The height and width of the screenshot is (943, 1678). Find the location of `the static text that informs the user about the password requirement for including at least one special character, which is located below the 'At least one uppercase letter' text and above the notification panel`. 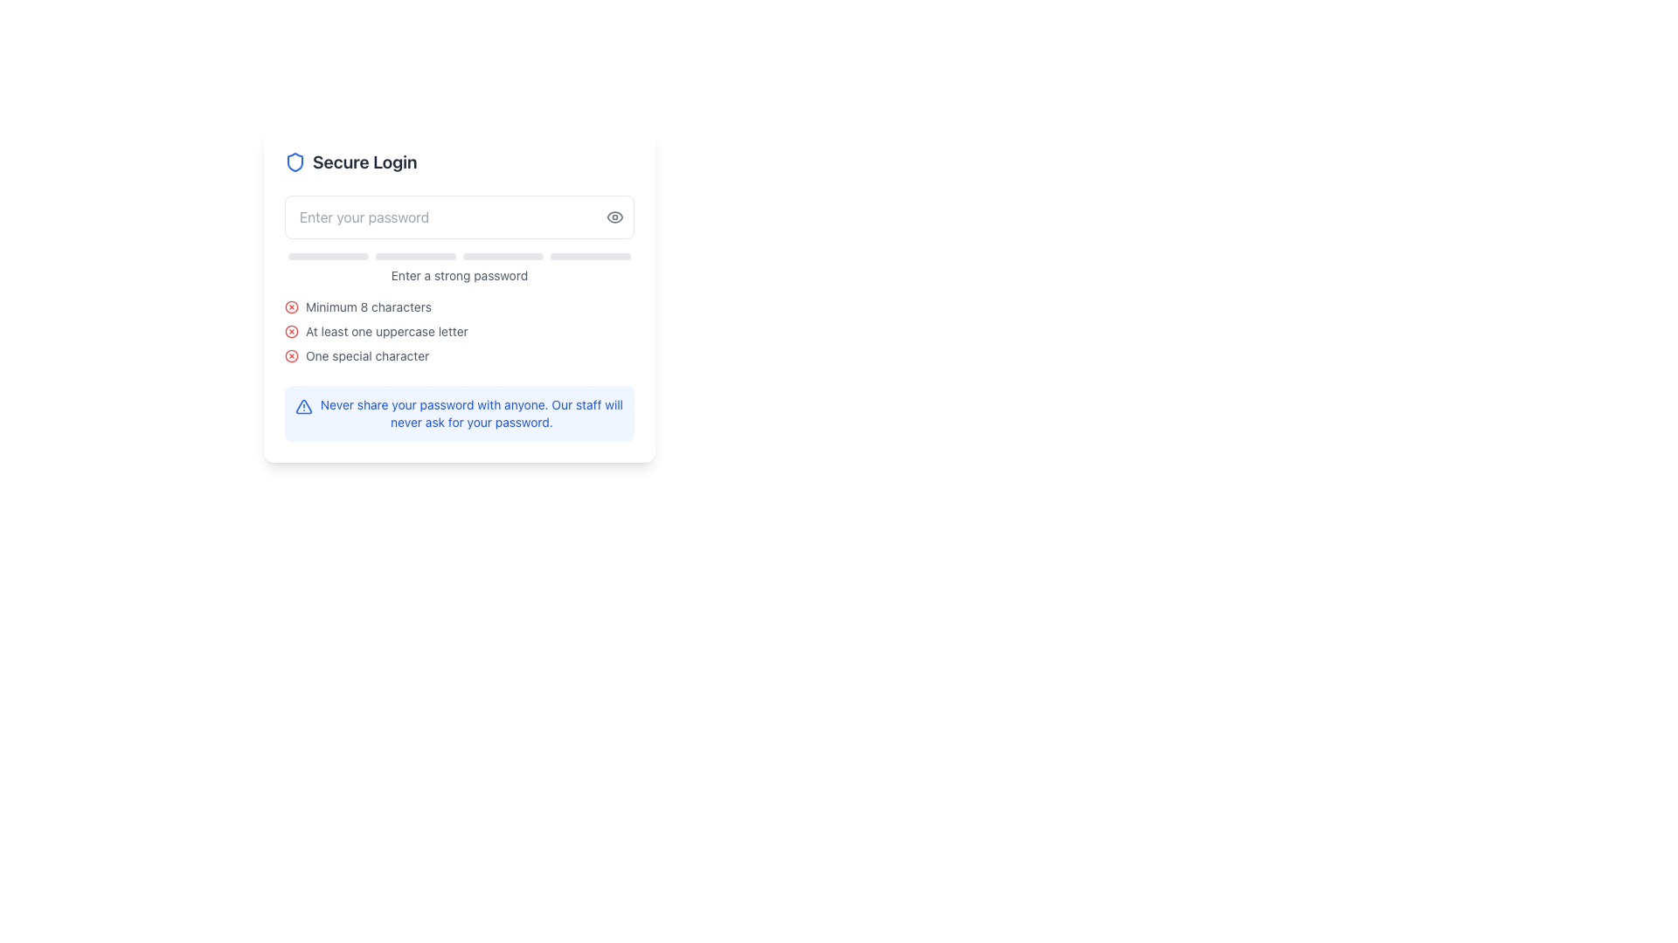

the static text that informs the user about the password requirement for including at least one special character, which is located below the 'At least one uppercase letter' text and above the notification panel is located at coordinates (366, 355).